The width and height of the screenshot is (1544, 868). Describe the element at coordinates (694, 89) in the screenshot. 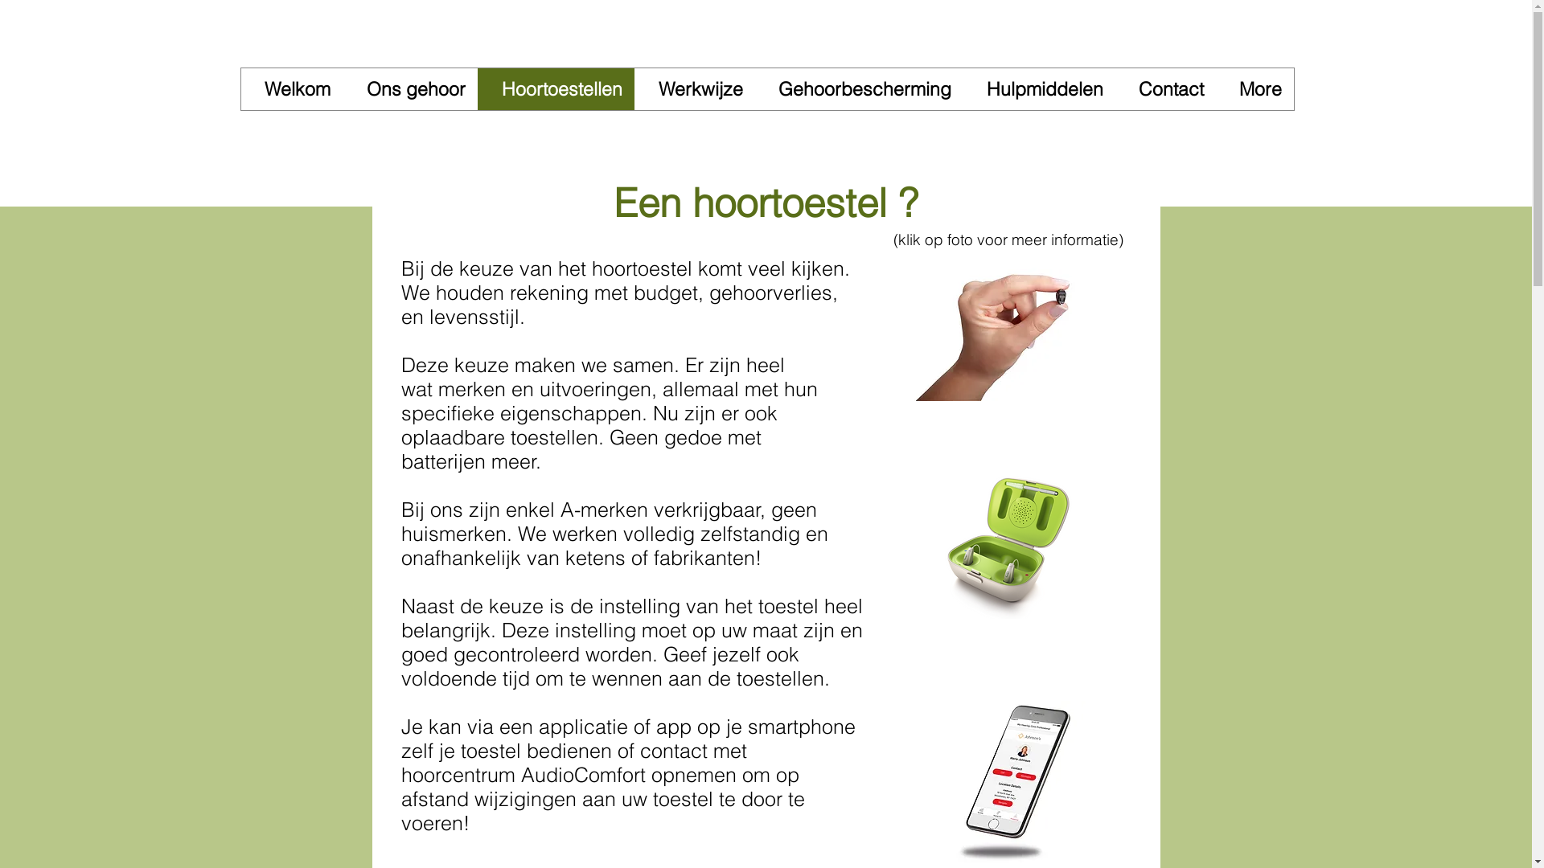

I see `'Werkwijze'` at that location.